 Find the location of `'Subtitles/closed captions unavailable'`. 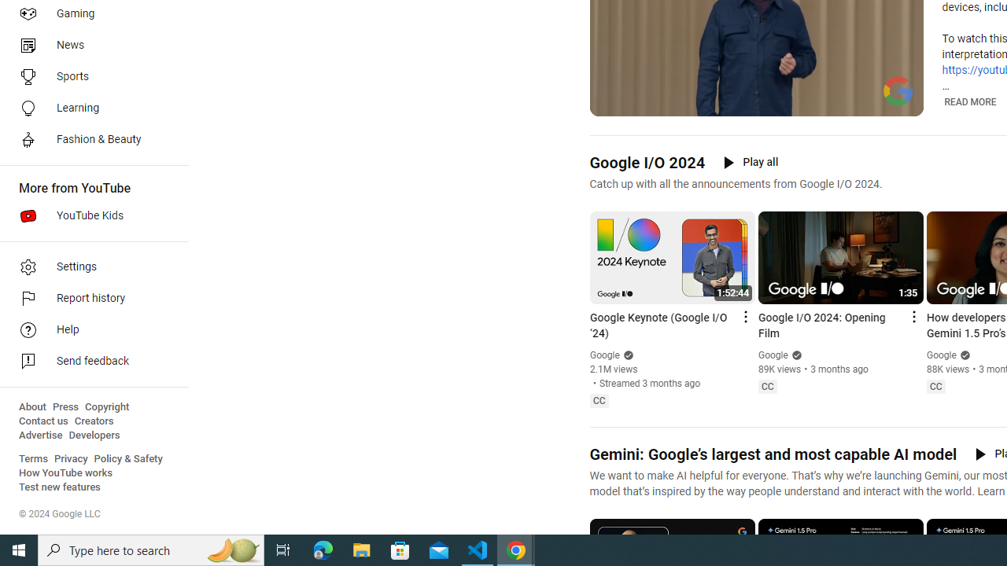

'Subtitles/closed captions unavailable' is located at coordinates (843, 102).